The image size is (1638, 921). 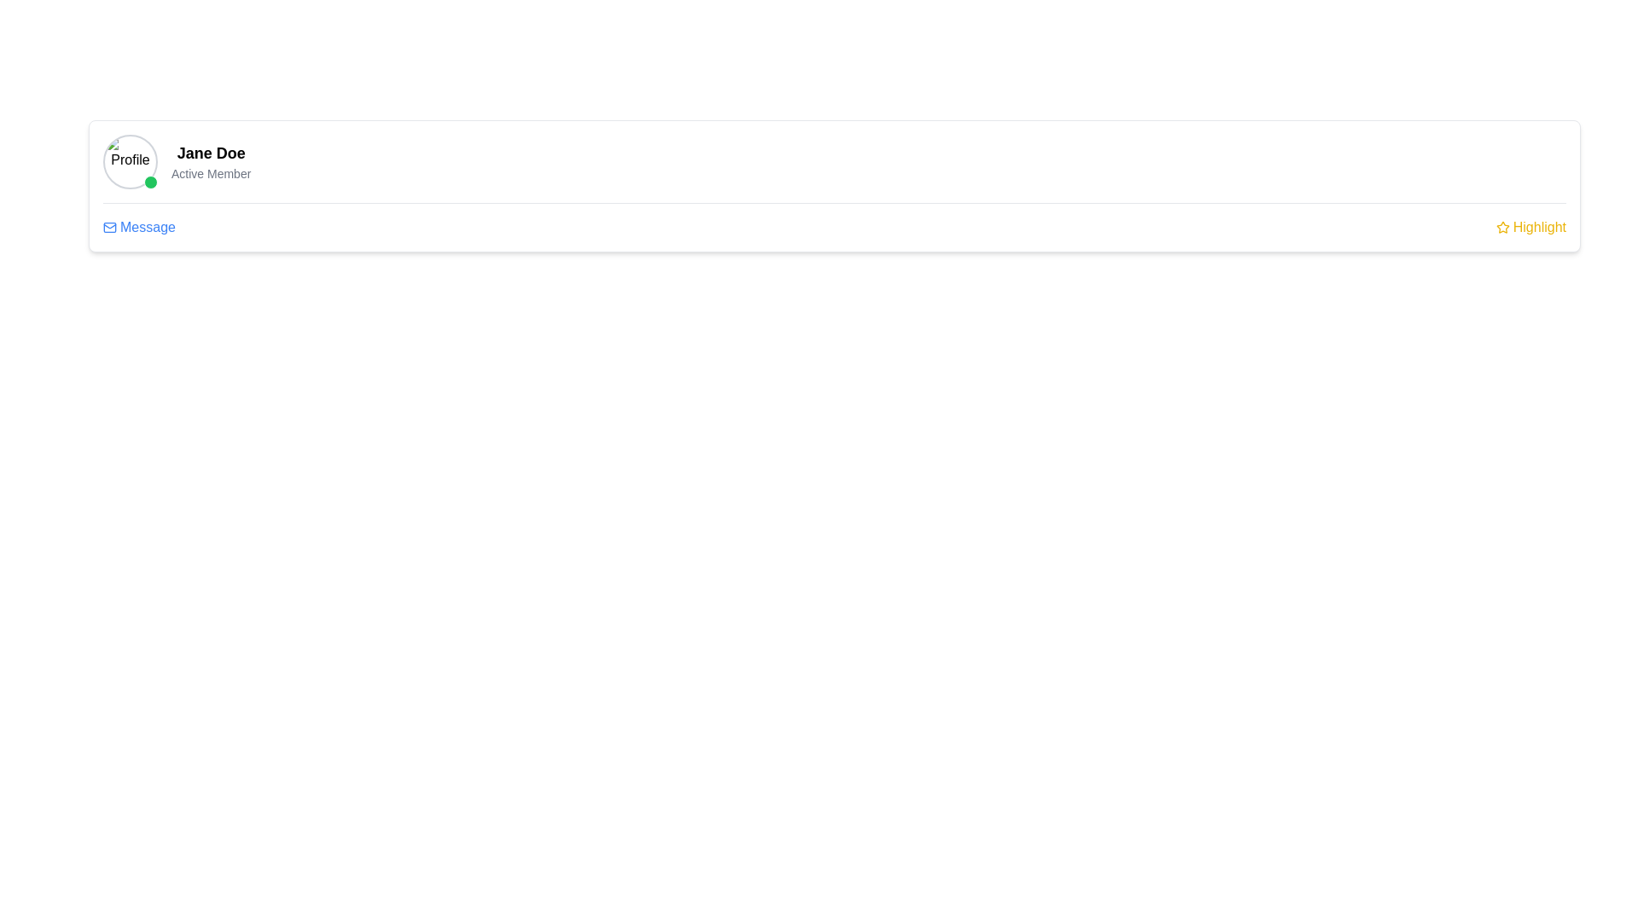 I want to click on the envelope-shaped icon element, which is styled with an outline and located next to the 'Message' label in the lower-left area of the user information card, so click(x=109, y=226).